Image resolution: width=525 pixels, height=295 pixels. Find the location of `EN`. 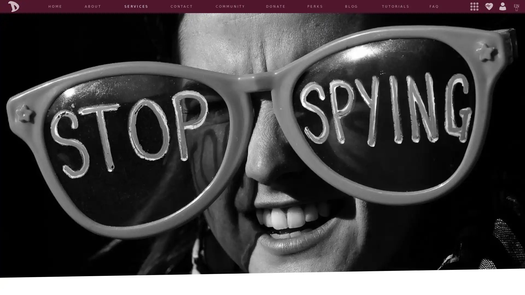

EN is located at coordinates (516, 6).